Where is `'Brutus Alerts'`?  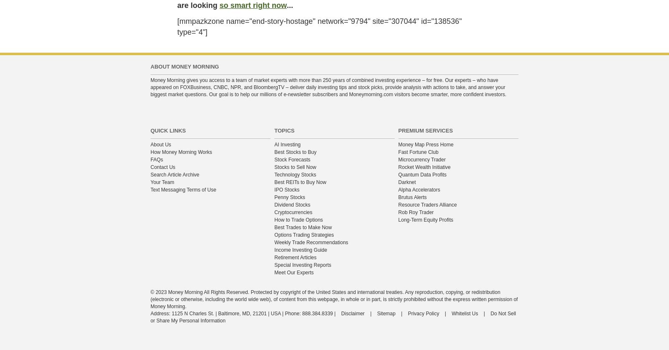
'Brutus Alerts' is located at coordinates (411, 197).